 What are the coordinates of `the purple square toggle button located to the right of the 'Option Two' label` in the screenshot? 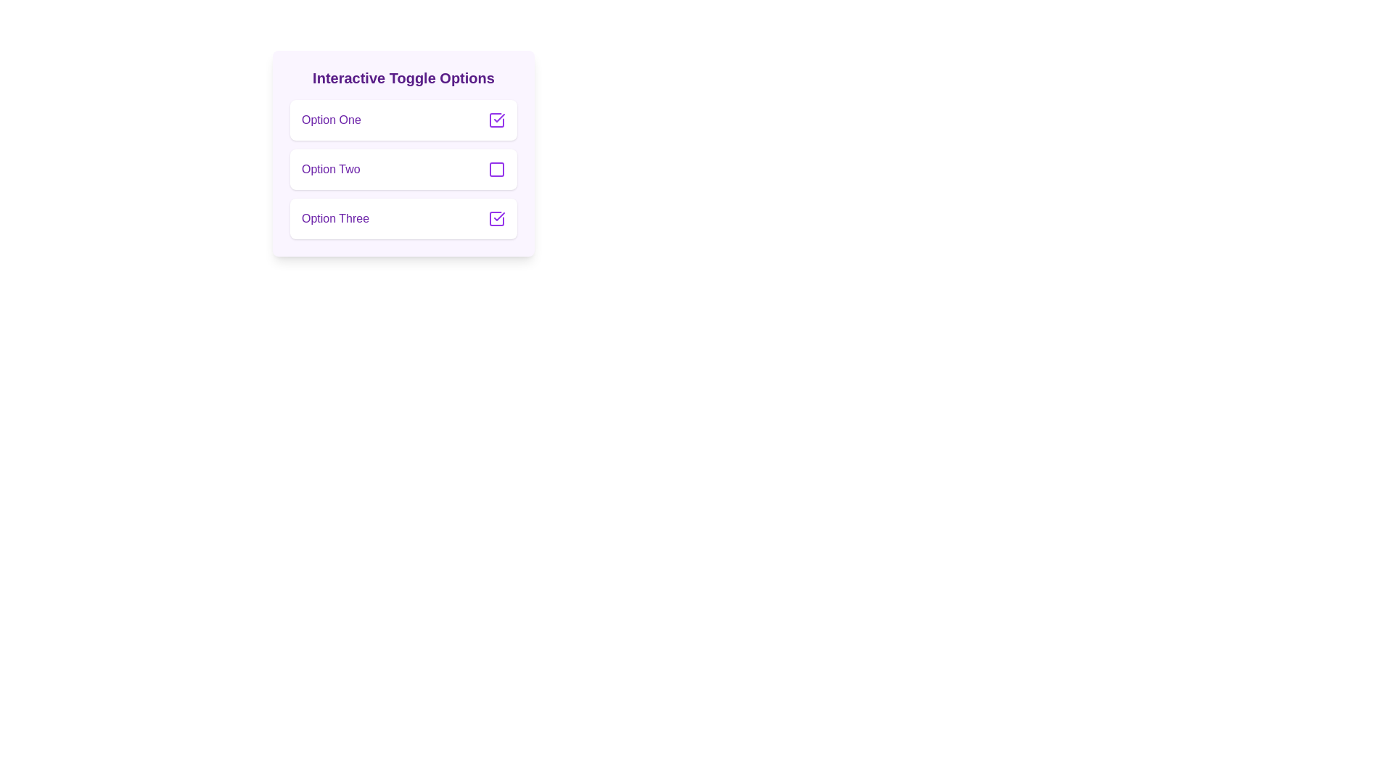 It's located at (497, 169).